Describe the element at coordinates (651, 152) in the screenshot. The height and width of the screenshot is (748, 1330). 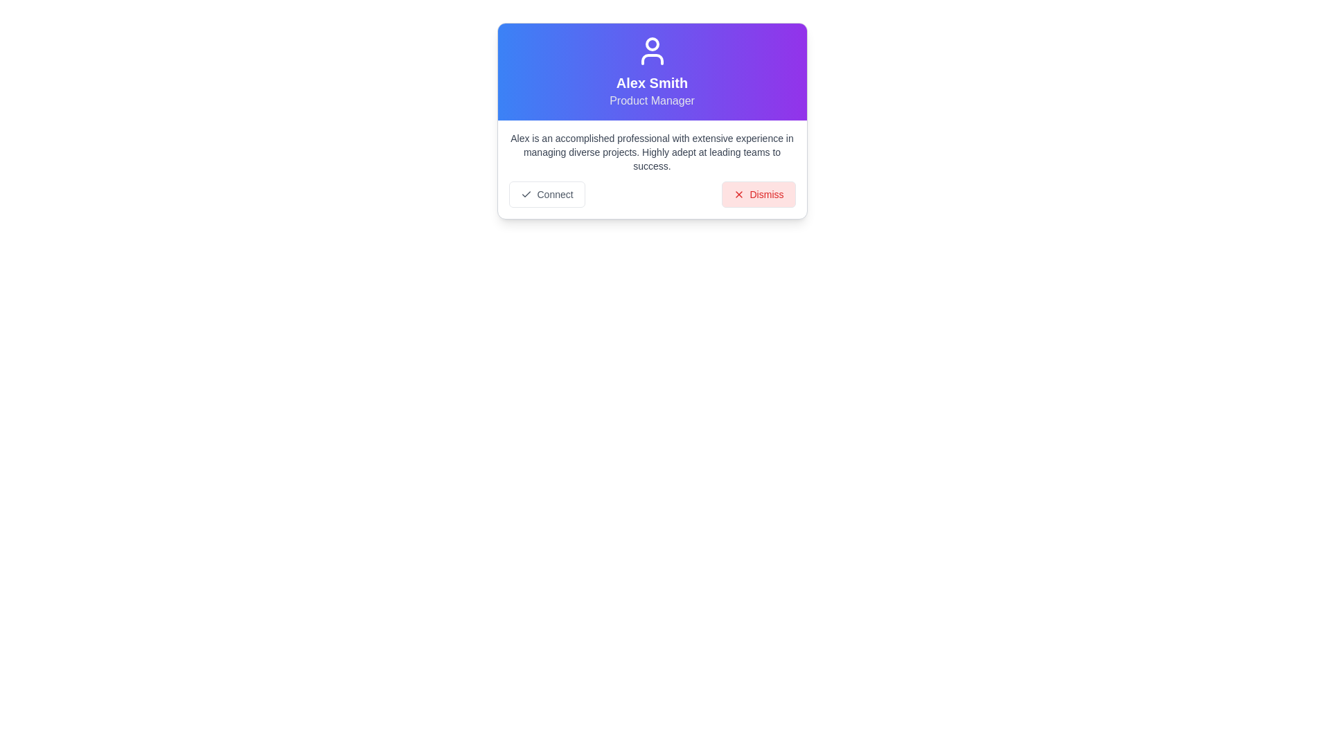
I see `static text content block describing Alex's professional summary, which is styled in gray and located centrally below the 'Alex Smith' header within the card layout` at that location.